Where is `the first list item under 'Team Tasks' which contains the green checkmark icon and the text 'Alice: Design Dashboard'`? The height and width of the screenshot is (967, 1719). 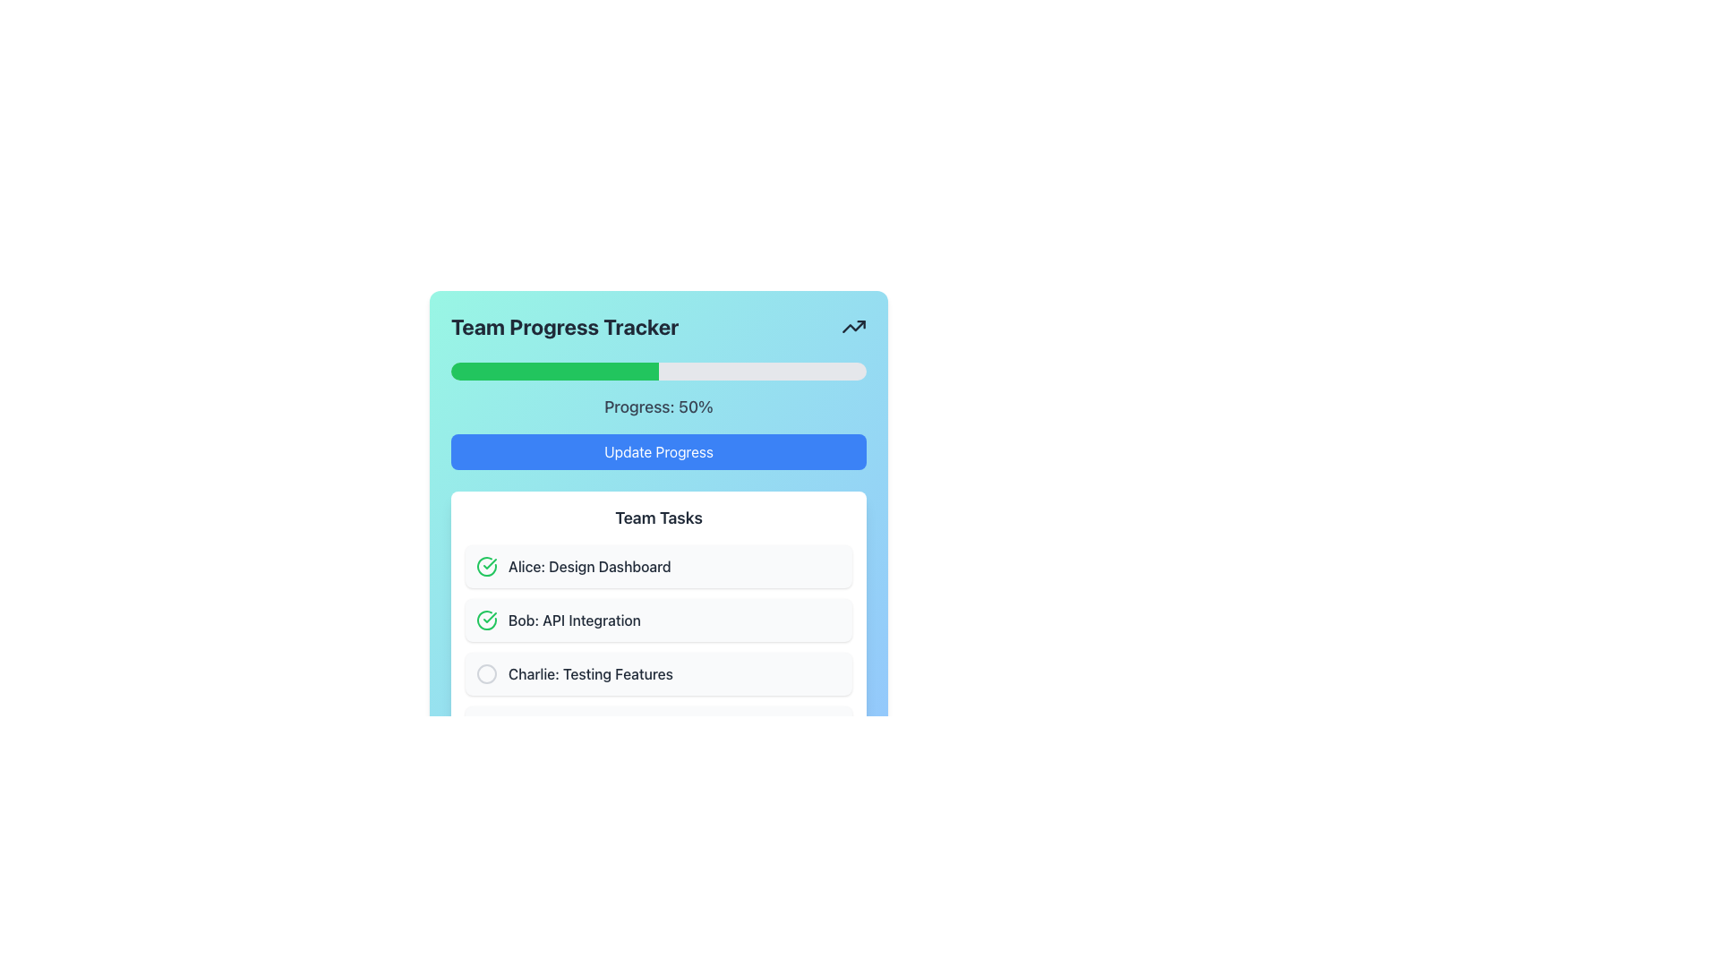 the first list item under 'Team Tasks' which contains the green checkmark icon and the text 'Alice: Design Dashboard' is located at coordinates (657, 566).